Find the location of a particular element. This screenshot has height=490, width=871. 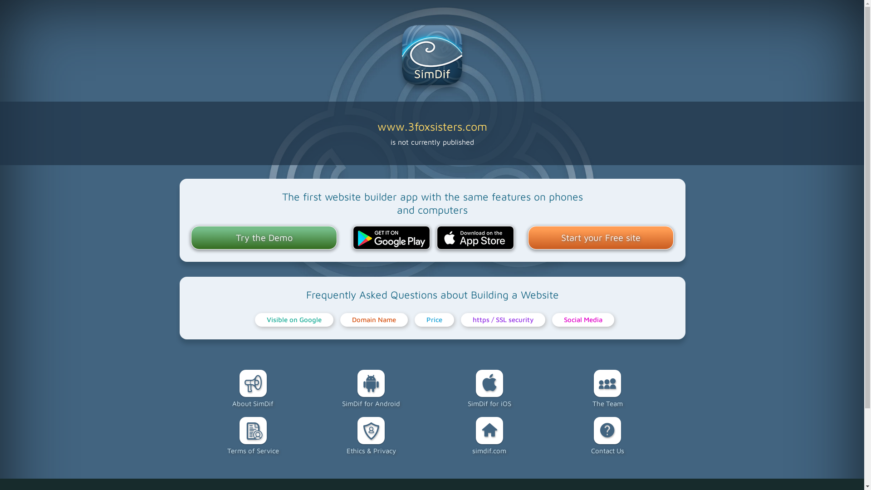

'Contact Us' is located at coordinates (607, 435).